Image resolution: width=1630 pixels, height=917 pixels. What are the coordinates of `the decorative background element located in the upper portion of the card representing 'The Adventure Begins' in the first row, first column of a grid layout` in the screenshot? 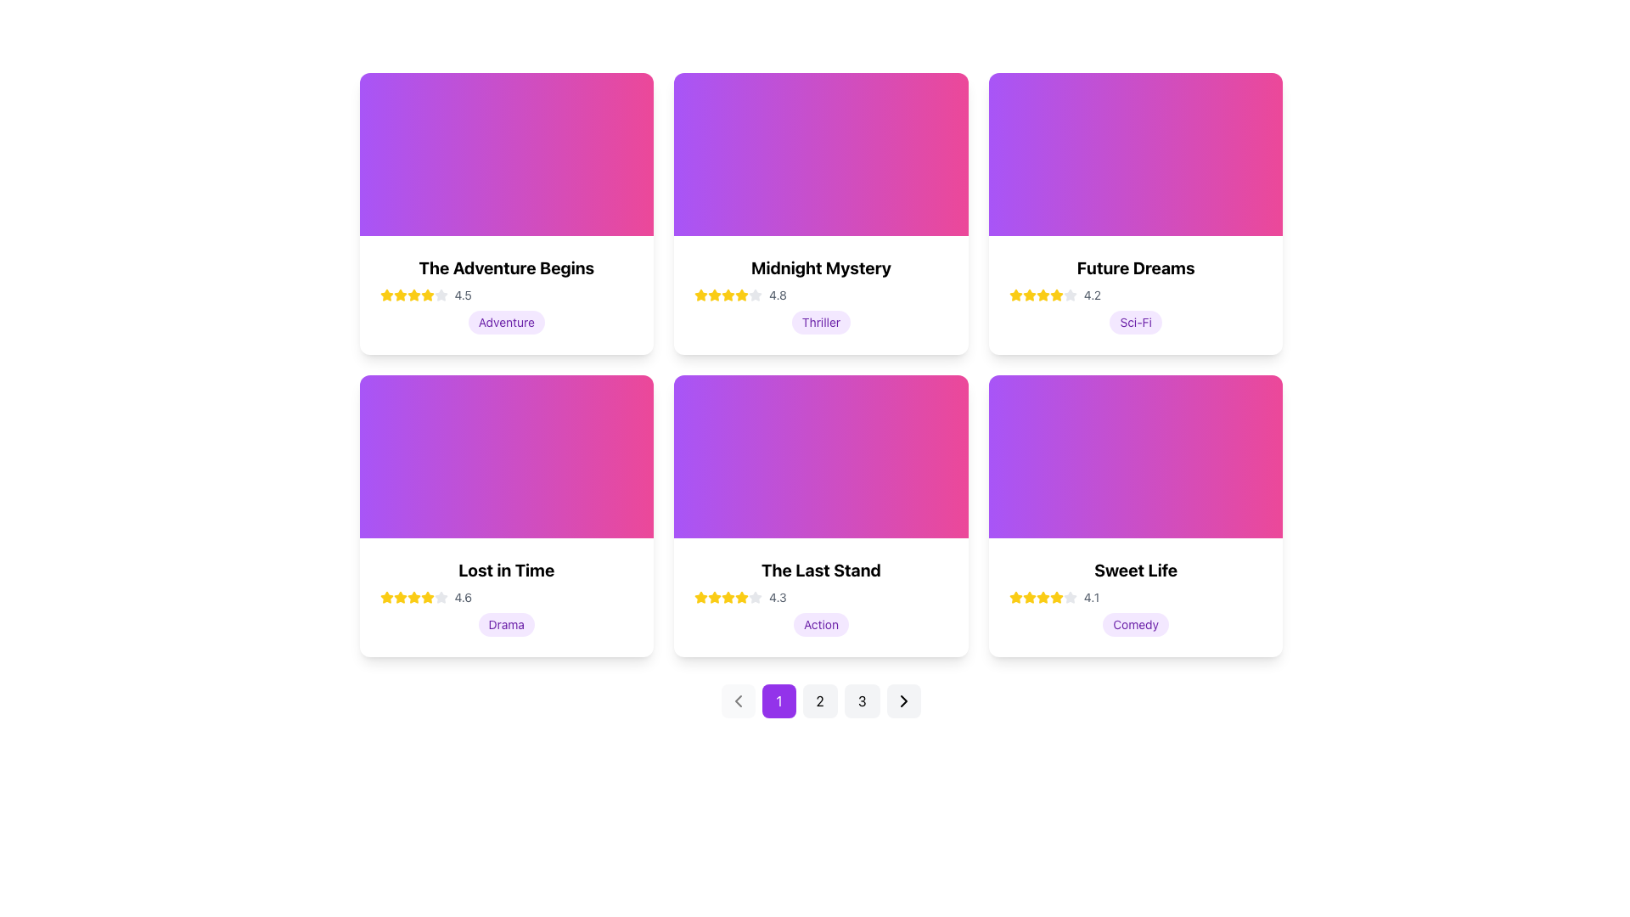 It's located at (505, 154).